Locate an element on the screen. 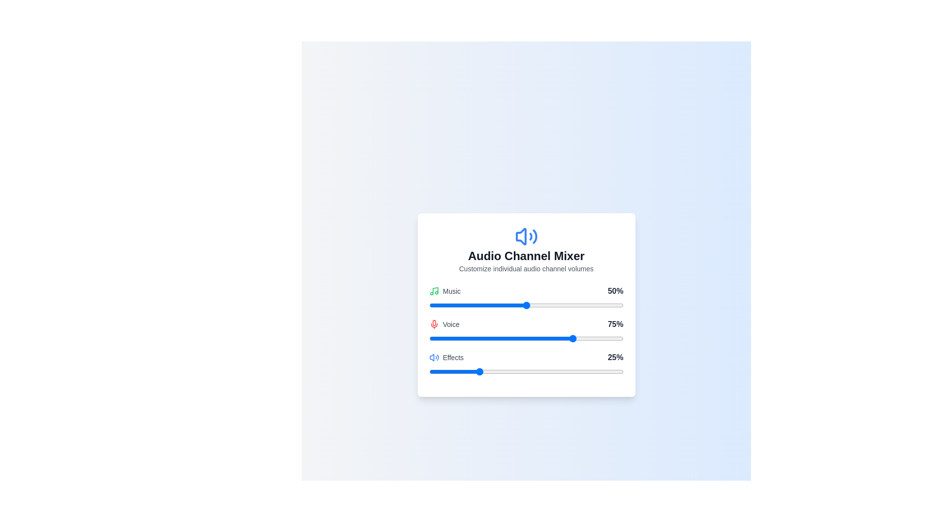 The height and width of the screenshot is (527, 937). the 'Voice' label with the red microphone icon in the 'Audio Channel Mixer' interface, located in the middle row, second position is located at coordinates (444, 324).